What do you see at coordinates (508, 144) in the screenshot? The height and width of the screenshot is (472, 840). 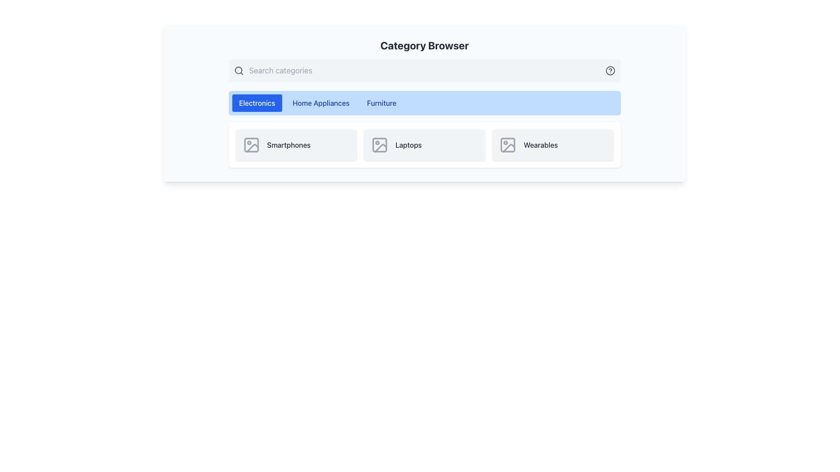 I see `the Icon Component that is part of the icon representation next to the 'Wearables' label, which is the last in the row of categories` at bounding box center [508, 144].